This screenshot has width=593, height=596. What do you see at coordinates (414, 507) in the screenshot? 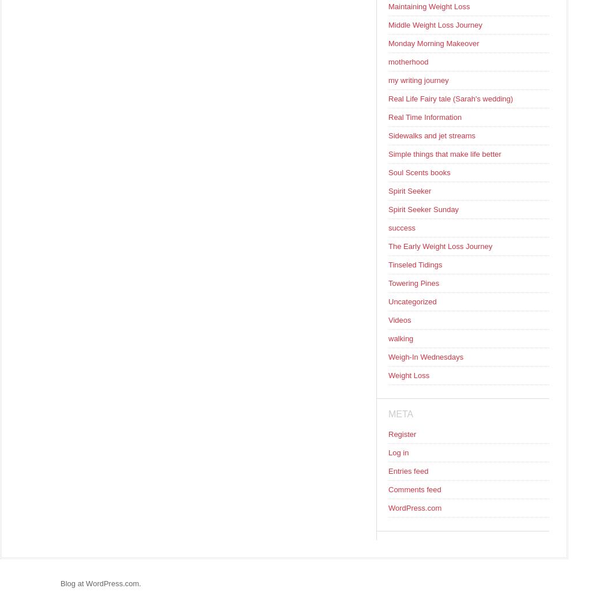
I see `'WordPress.com'` at bounding box center [414, 507].